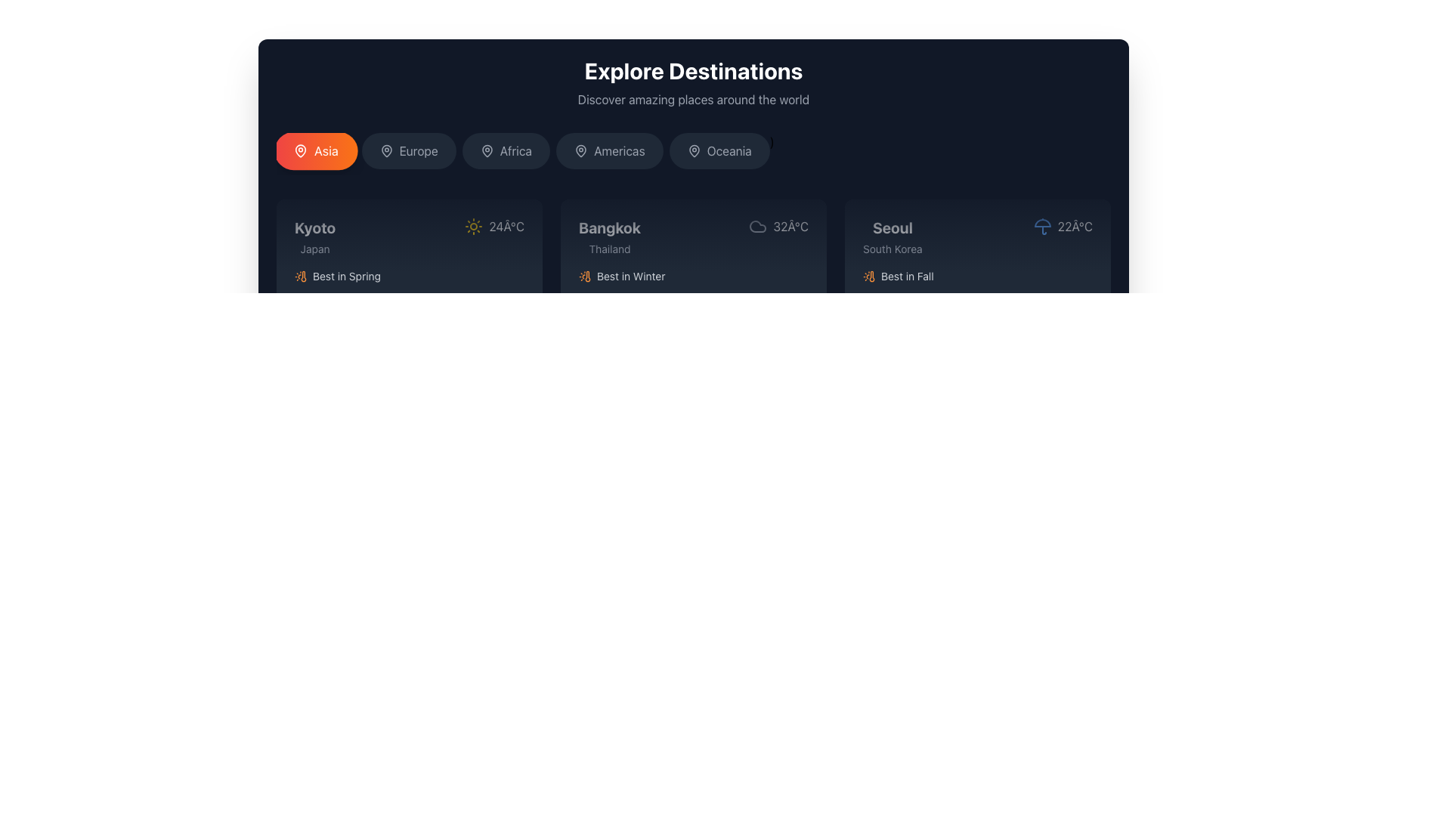  Describe the element at coordinates (978, 283) in the screenshot. I see `the third card element in the horizontally arranged grid, which features a dark background and rounded corners` at that location.